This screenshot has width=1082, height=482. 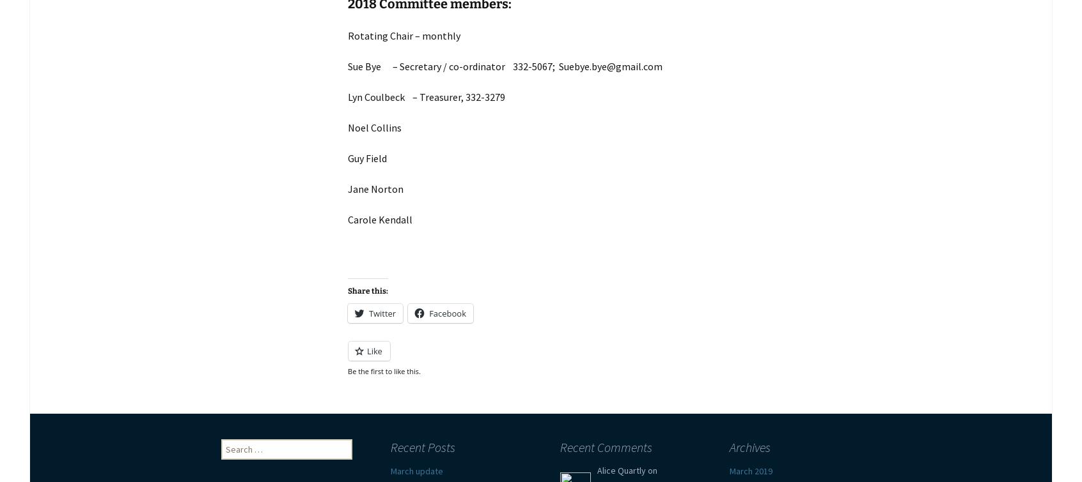 What do you see at coordinates (606, 446) in the screenshot?
I see `'Recent Comments'` at bounding box center [606, 446].